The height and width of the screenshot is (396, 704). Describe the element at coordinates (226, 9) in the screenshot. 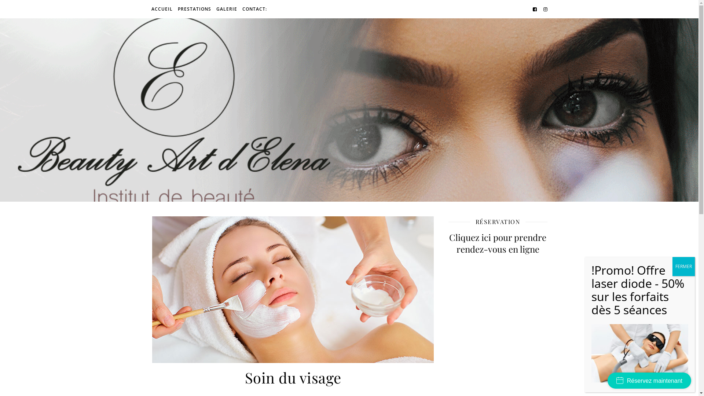

I see `'GALERIE'` at that location.